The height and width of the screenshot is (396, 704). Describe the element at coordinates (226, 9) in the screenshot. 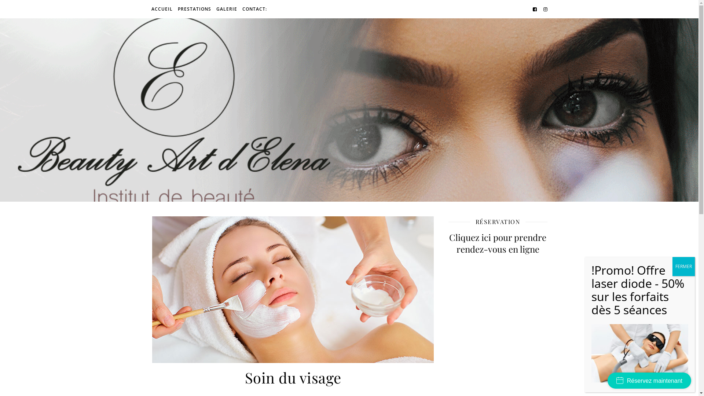

I see `'GALERIE'` at that location.